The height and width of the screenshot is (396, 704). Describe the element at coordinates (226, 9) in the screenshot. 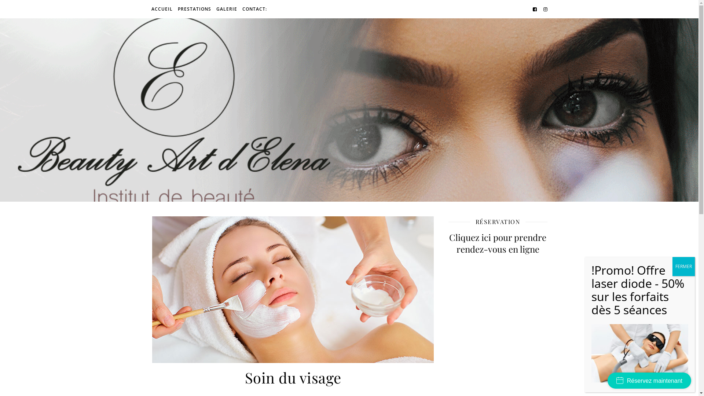

I see `'GALERIE'` at that location.